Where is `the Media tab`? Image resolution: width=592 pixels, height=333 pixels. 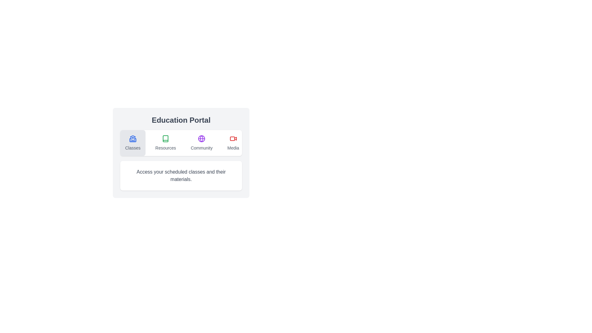
the Media tab is located at coordinates (232, 143).